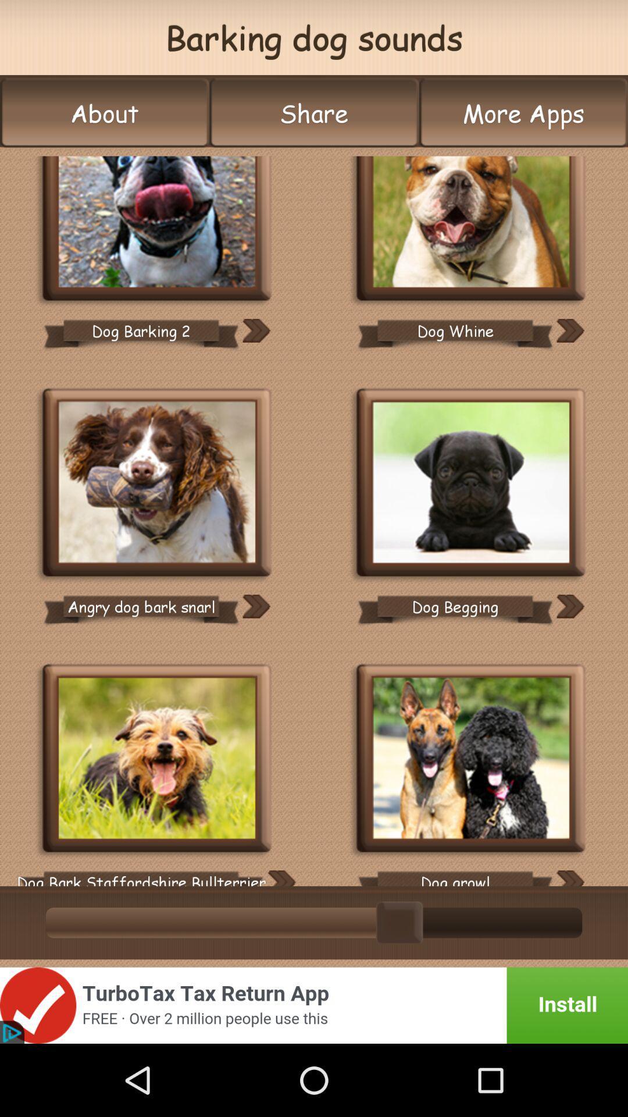 Image resolution: width=628 pixels, height=1117 pixels. Describe the element at coordinates (471, 484) in the screenshot. I see `dog begging sound` at that location.